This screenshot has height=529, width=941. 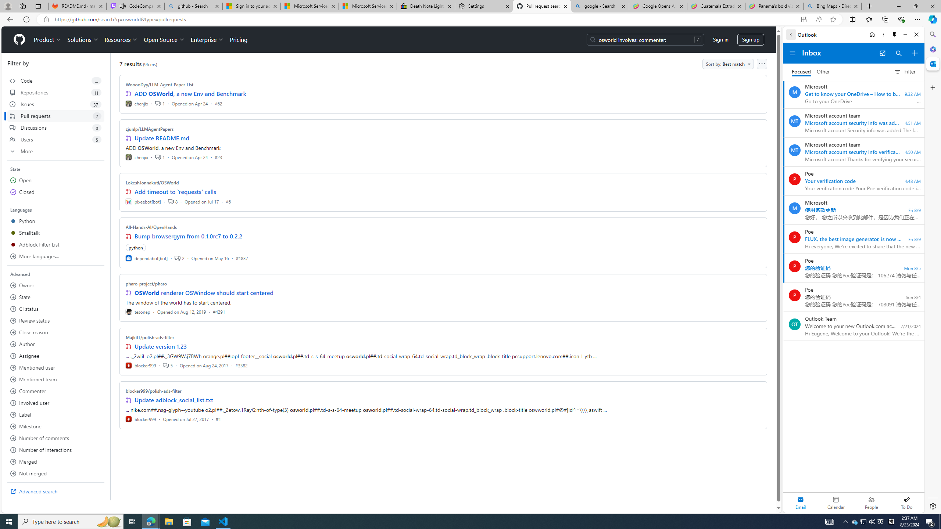 I want to click on 'People', so click(x=871, y=502).